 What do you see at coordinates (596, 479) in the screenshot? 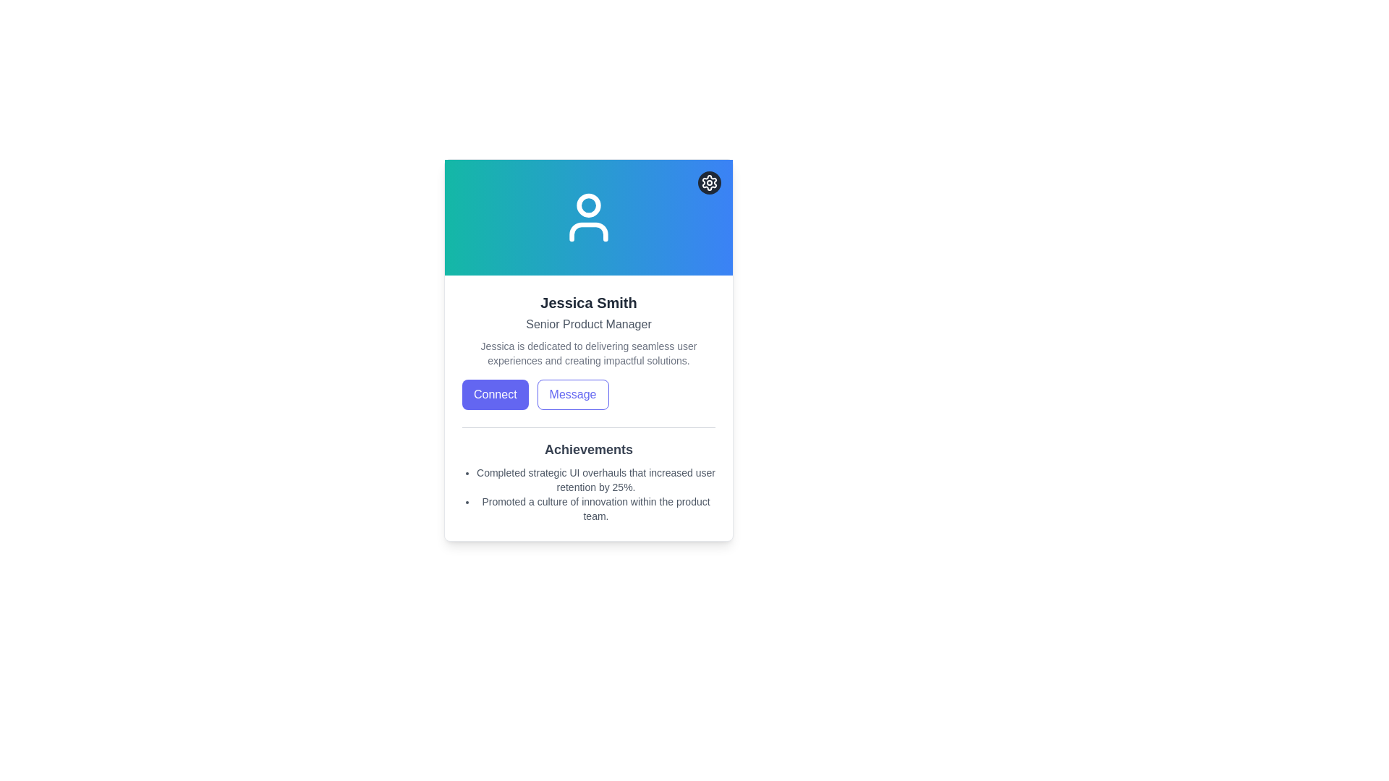
I see `the first bullet point in the 'Achievements' list` at bounding box center [596, 479].